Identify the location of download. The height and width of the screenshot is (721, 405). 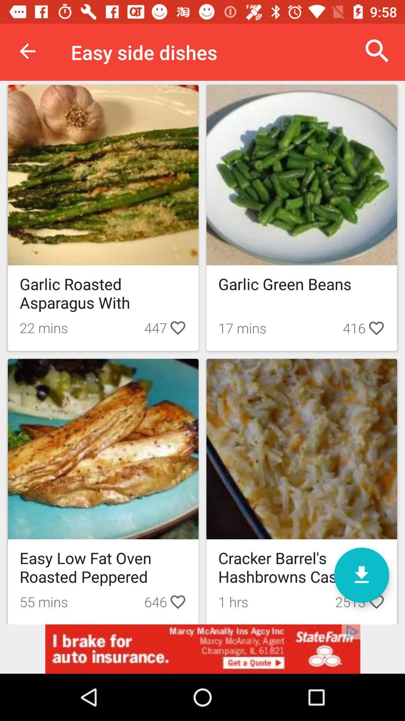
(361, 575).